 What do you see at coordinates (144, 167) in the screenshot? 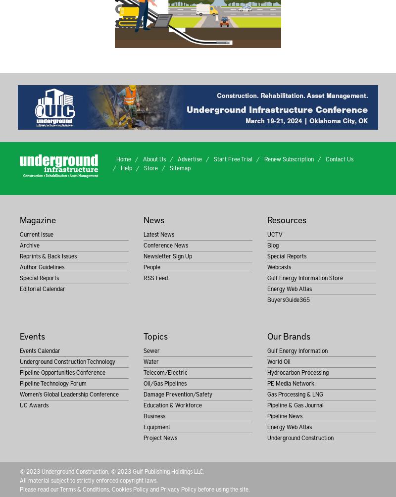
I see `'Store'` at bounding box center [144, 167].